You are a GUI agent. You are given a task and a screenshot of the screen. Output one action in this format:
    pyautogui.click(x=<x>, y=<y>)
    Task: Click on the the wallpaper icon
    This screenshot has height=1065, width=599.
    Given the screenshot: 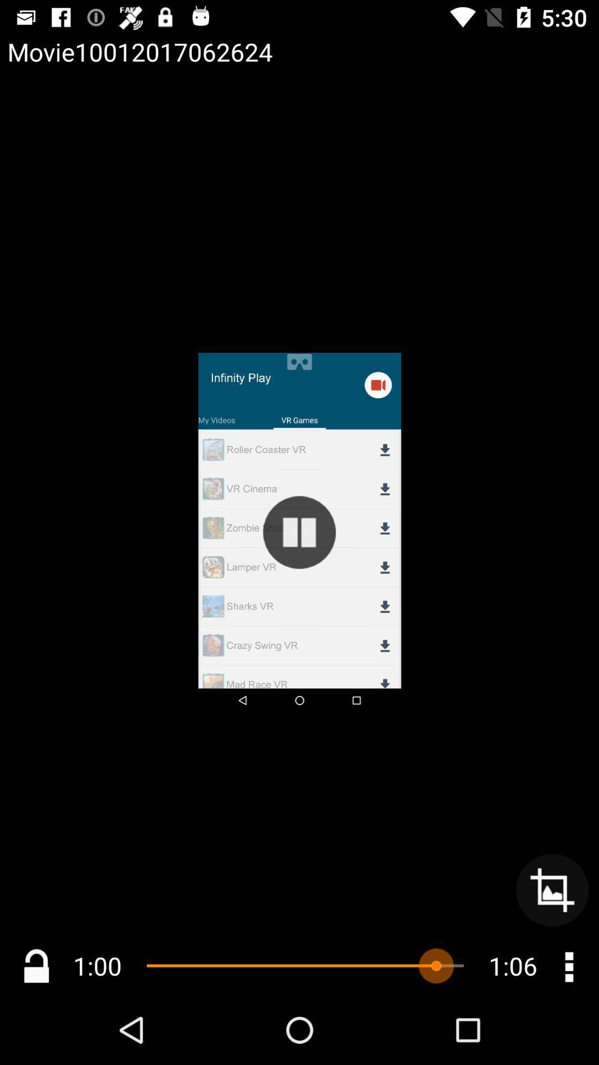 What is the action you would take?
    pyautogui.click(x=552, y=890)
    